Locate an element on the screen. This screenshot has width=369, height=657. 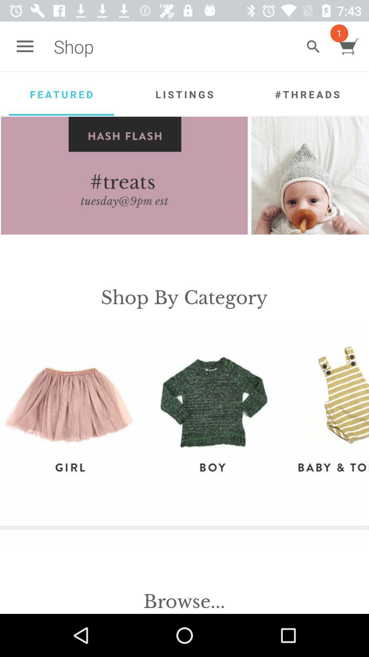
open link to boys clouths is located at coordinates (211, 406).